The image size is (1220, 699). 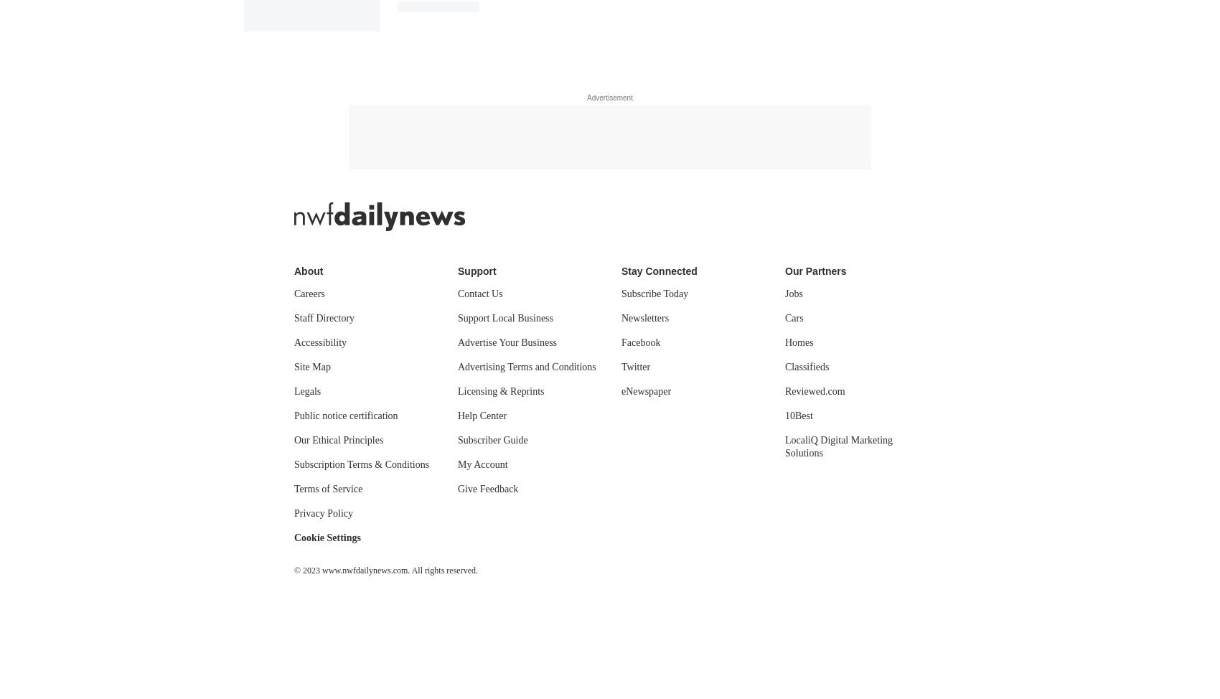 What do you see at coordinates (488, 488) in the screenshot?
I see `'Give Feedback'` at bounding box center [488, 488].